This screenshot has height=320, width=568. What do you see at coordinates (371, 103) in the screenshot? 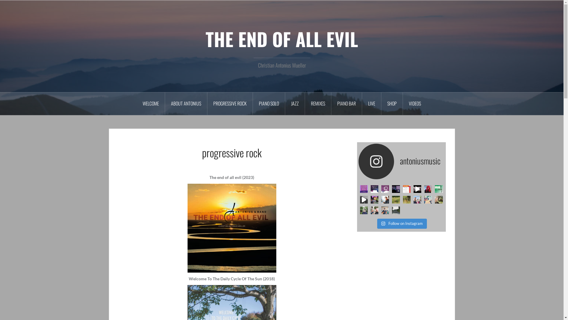
I see `'LIVE'` at bounding box center [371, 103].